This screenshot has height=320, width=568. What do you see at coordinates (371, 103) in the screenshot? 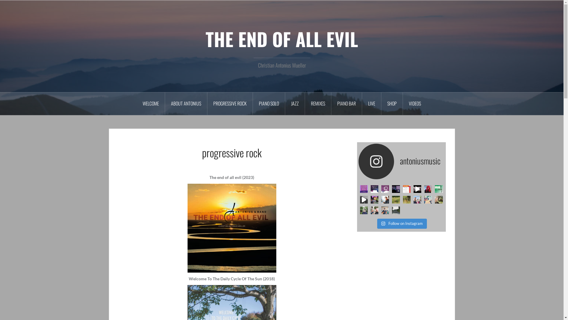
I see `'LIVE'` at bounding box center [371, 103].